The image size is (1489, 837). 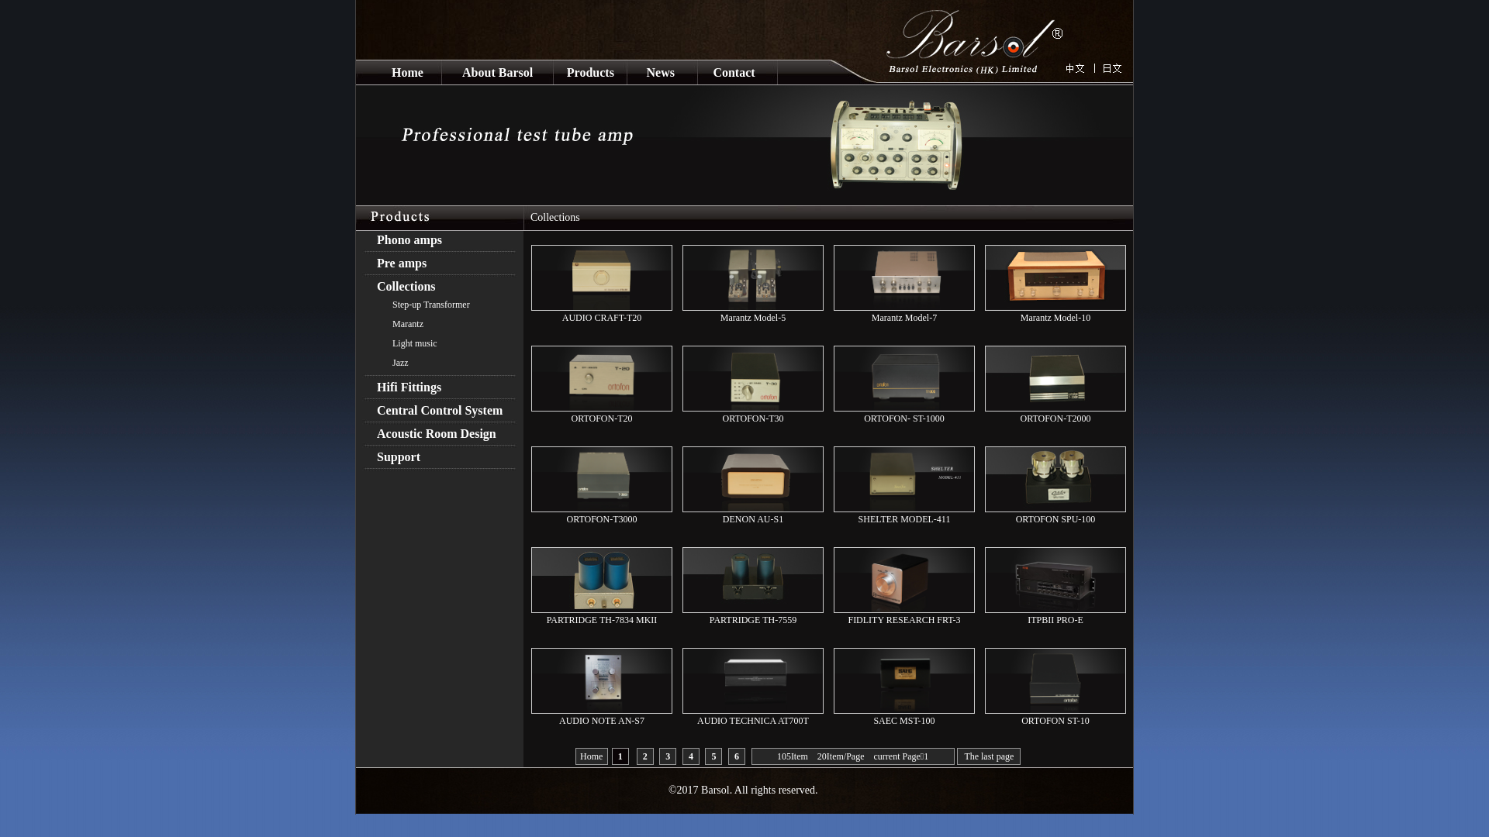 I want to click on '6', so click(x=736, y=755).